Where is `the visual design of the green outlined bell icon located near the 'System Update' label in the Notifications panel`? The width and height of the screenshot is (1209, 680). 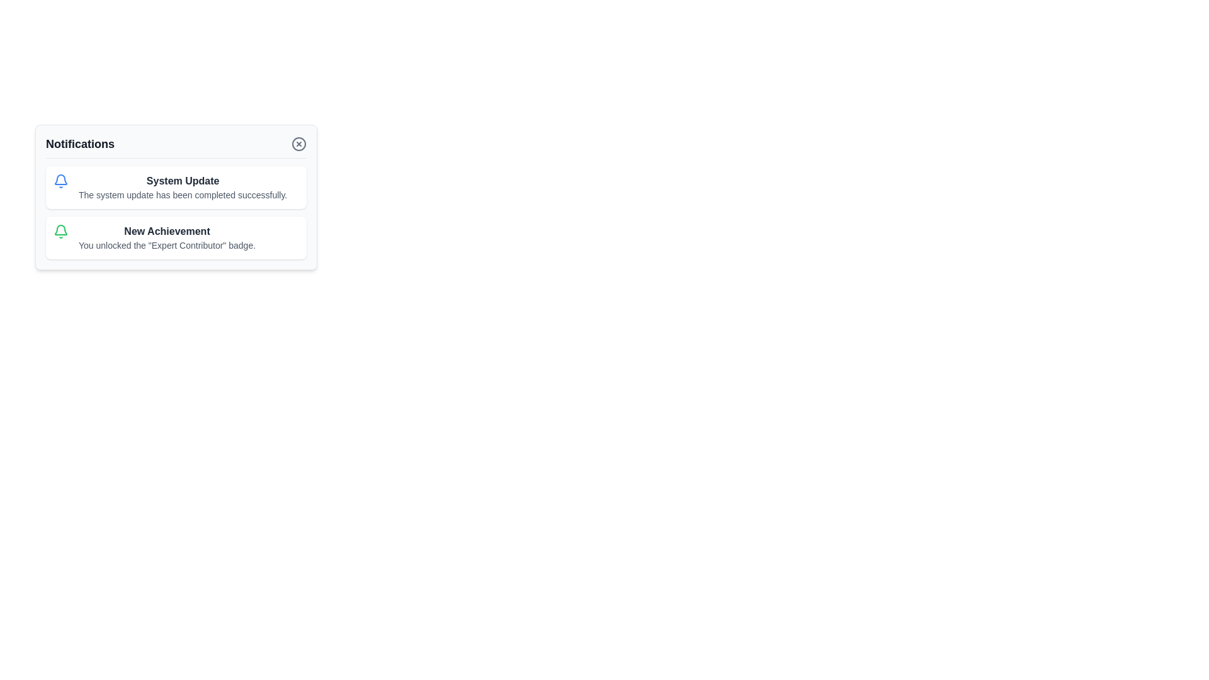
the visual design of the green outlined bell icon located near the 'System Update' label in the Notifications panel is located at coordinates (60, 230).